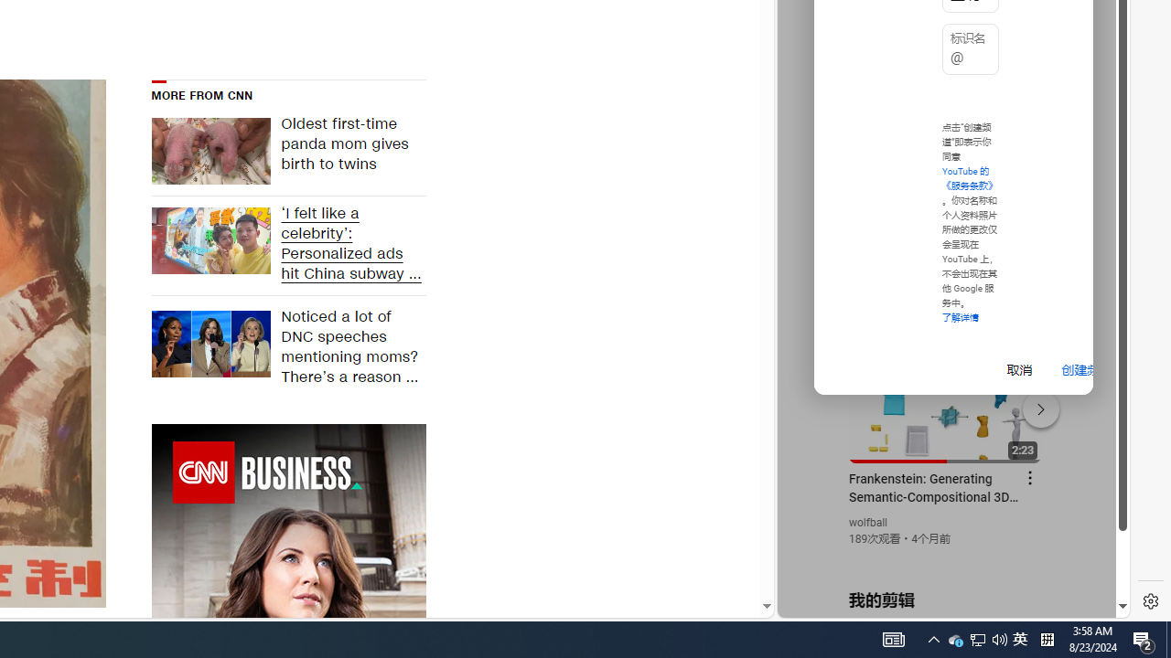 Image resolution: width=1171 pixels, height=658 pixels. What do you see at coordinates (946, 394) in the screenshot?
I see `'YouTube'` at bounding box center [946, 394].